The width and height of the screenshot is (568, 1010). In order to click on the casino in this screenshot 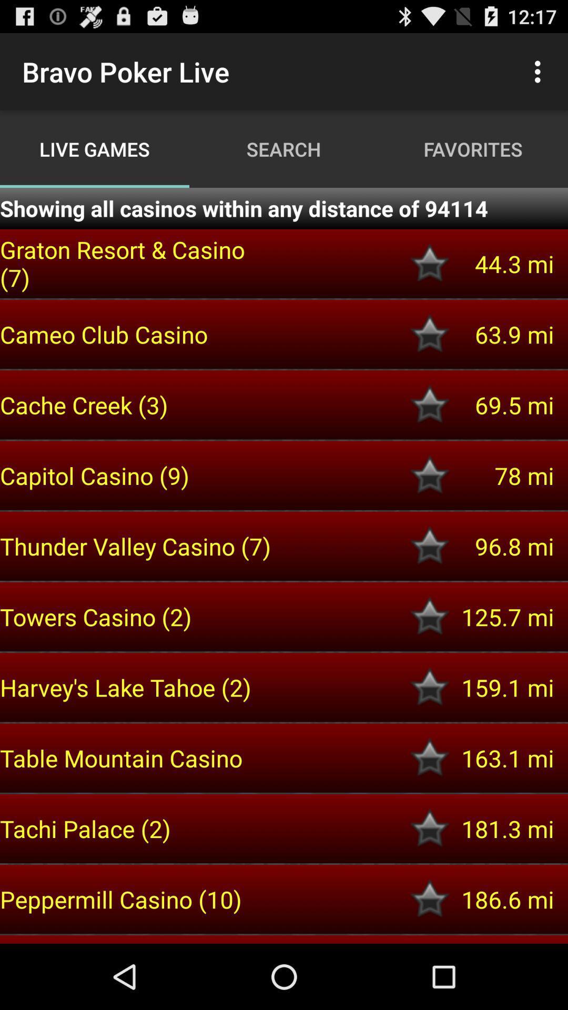, I will do `click(430, 828)`.